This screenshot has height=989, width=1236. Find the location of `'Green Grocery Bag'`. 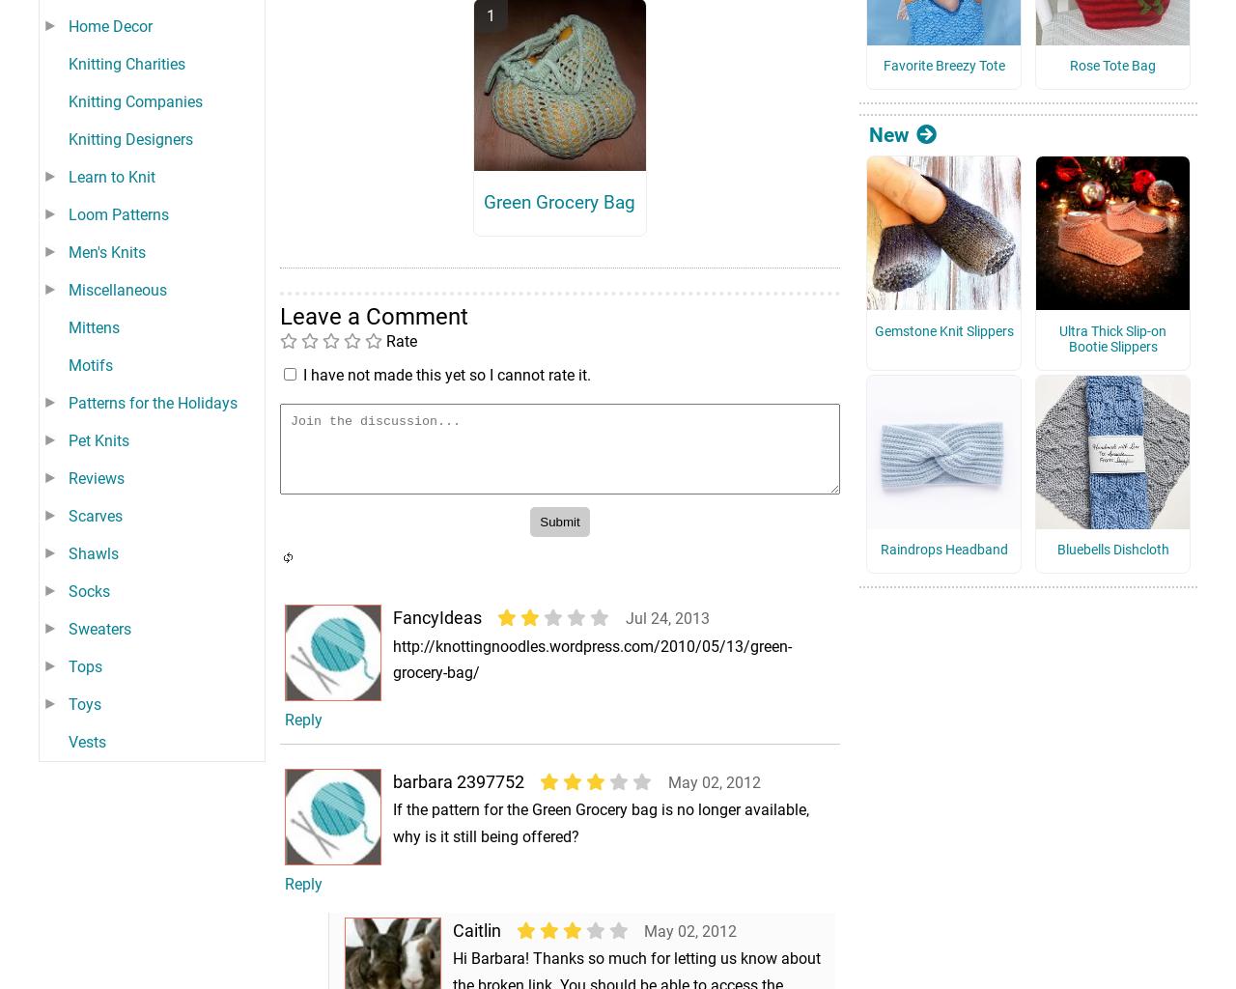

'Green Grocery Bag' is located at coordinates (483, 227).